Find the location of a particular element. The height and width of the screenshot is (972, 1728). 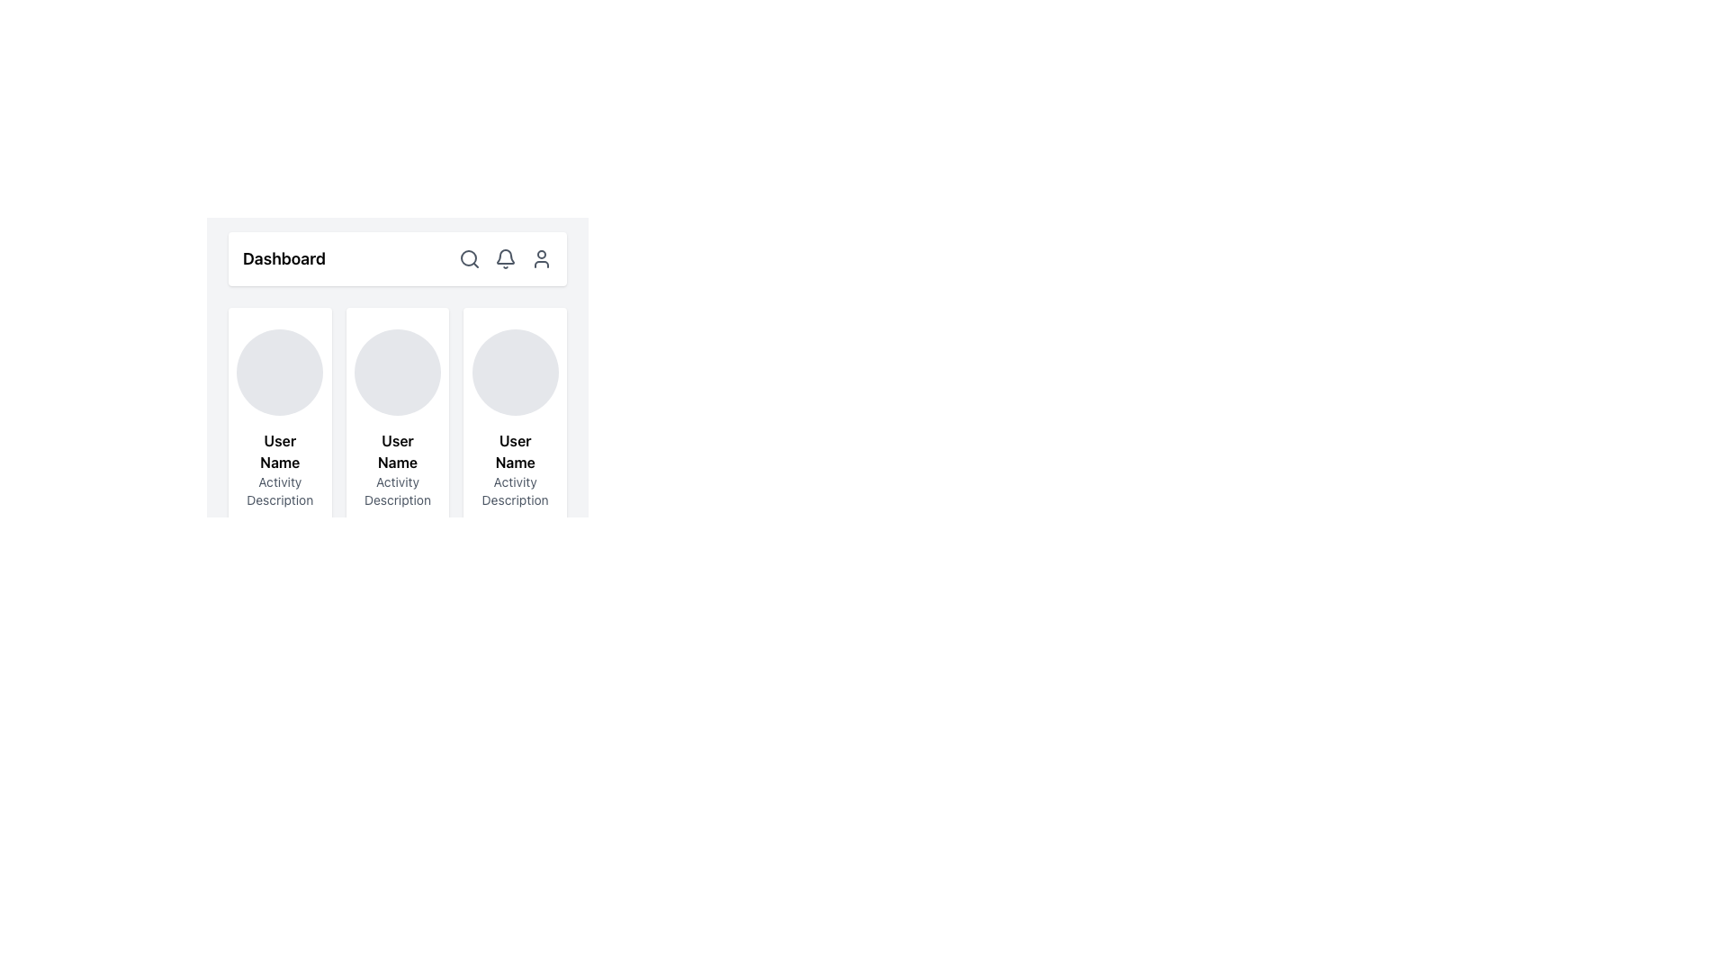

the Notification Bell icon located in the top-right section of the toolbar, positioned between the search and profile icons, to indicate notifications is located at coordinates (504, 259).